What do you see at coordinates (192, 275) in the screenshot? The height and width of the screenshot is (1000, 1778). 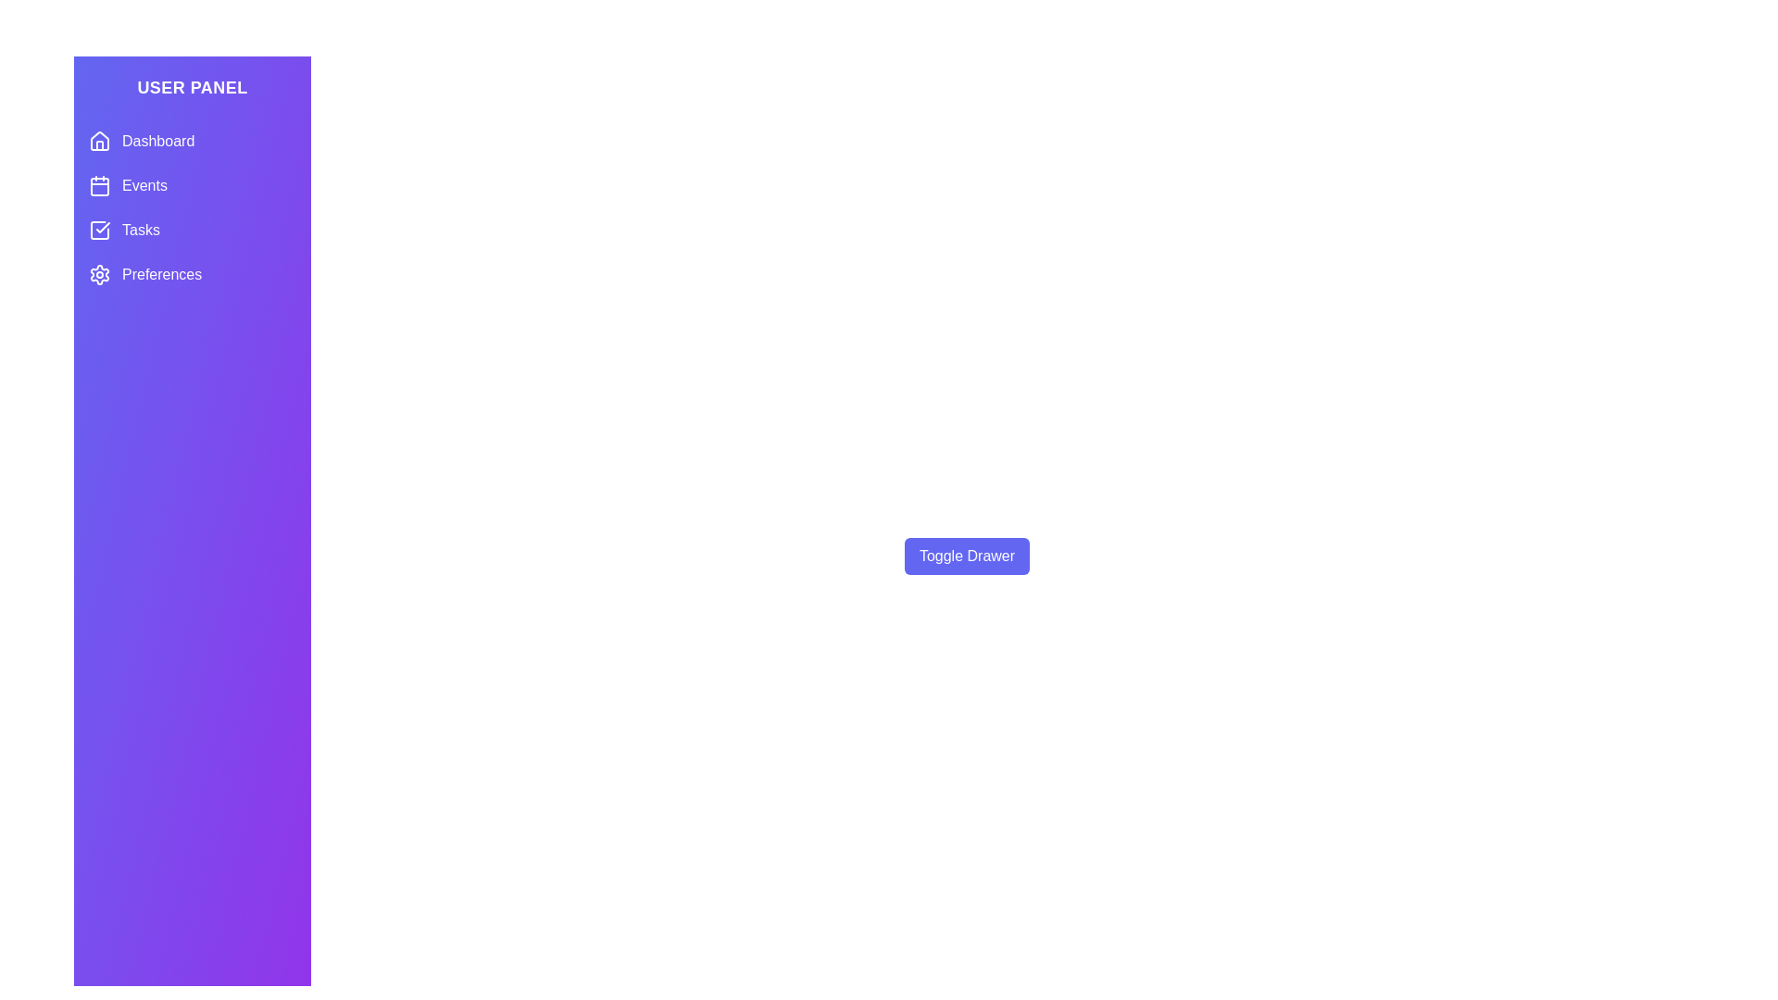 I see `the menu item labeled Preferences` at bounding box center [192, 275].